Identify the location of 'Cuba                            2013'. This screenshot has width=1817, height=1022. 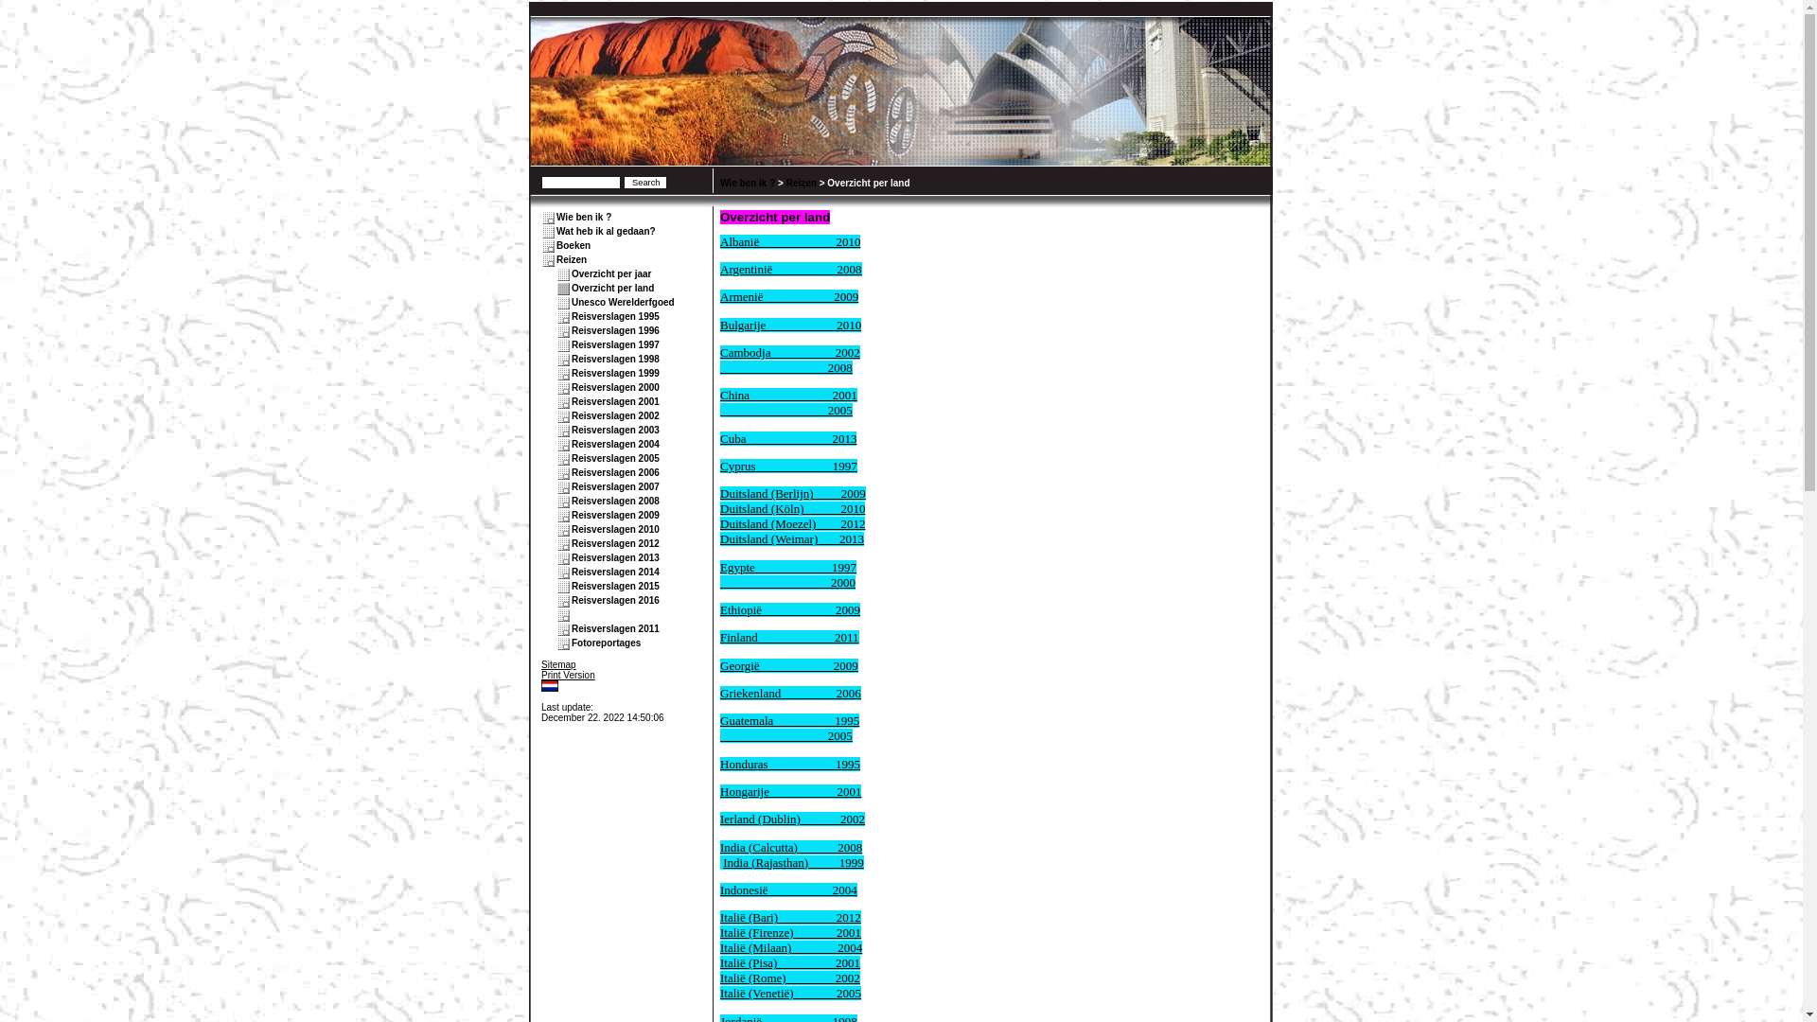
(719, 438).